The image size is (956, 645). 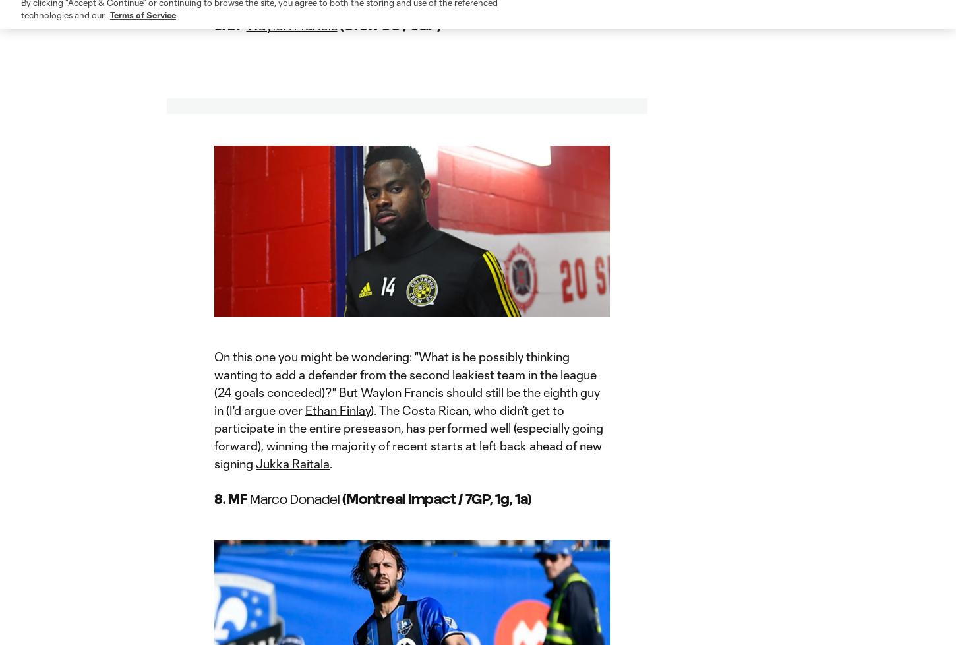 I want to click on '). The Costa Rican, who didn’t get to participate in the entire preseason, has performed well (especially going forward), winning the majority of recent starts at left back ahead of new signing', so click(x=408, y=437).